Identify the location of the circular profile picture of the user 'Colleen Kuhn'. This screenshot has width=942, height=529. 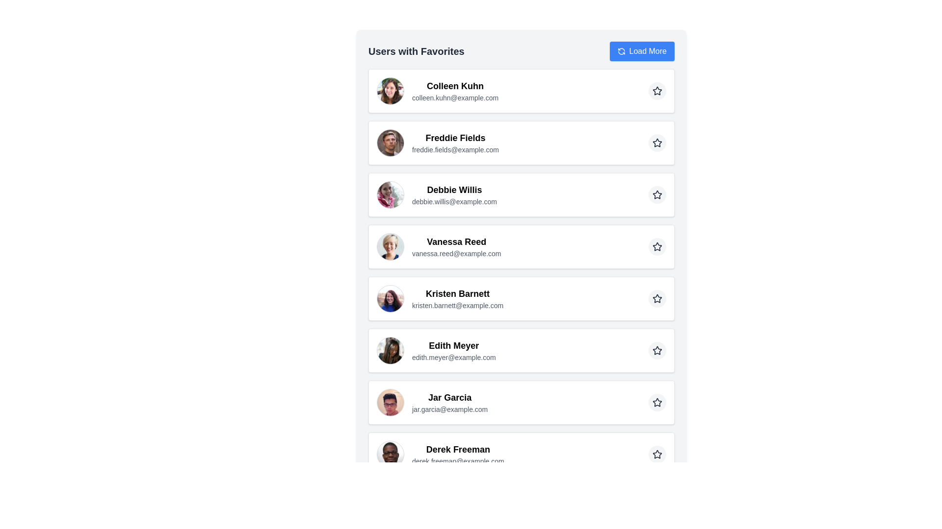
(390, 91).